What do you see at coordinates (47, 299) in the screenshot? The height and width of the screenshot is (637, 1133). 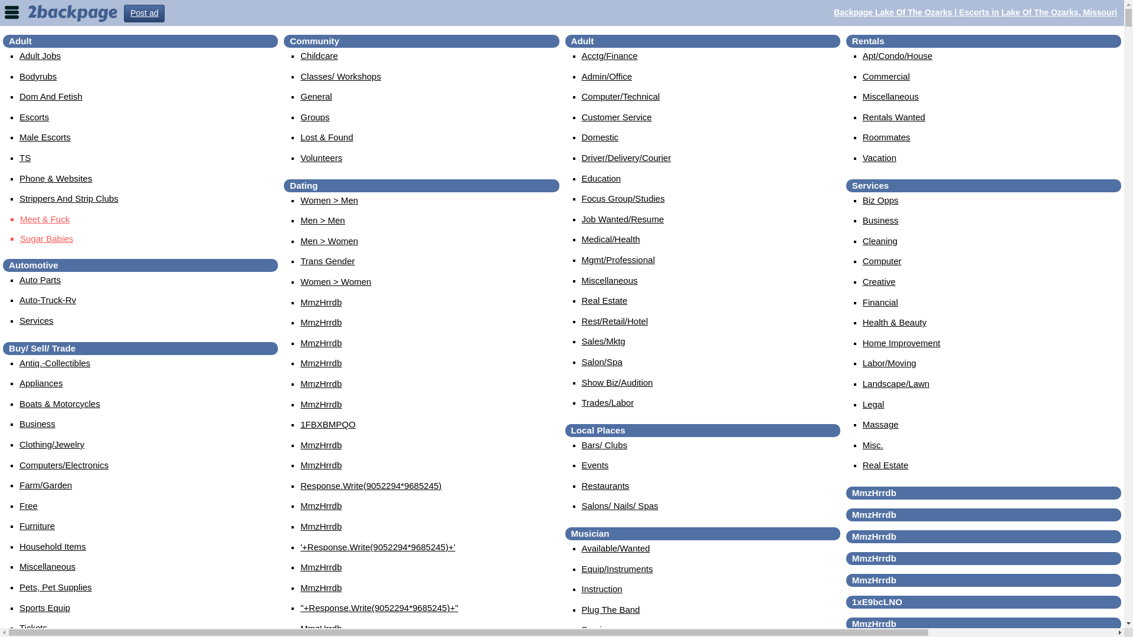 I see `'Auto-Truck-Rv'` at bounding box center [47, 299].